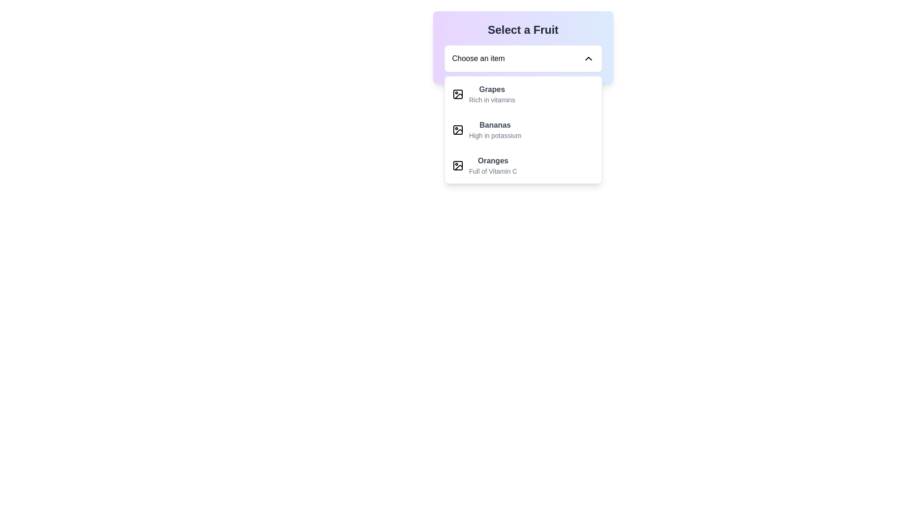  I want to click on the second list item labeled 'Bananas' in the 'Select a Fruit' list, so click(522, 130).